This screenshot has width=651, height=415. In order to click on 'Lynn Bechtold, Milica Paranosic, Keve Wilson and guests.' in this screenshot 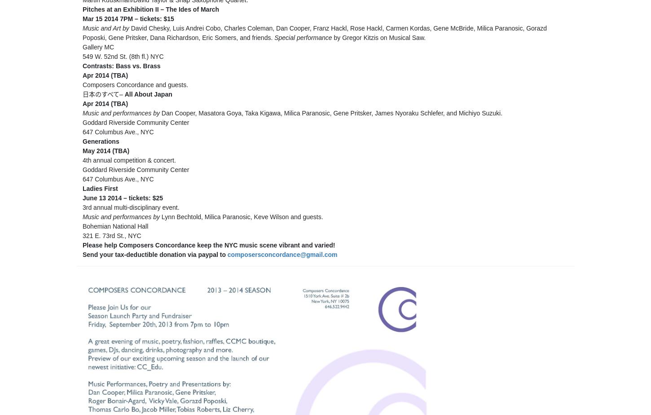, I will do `click(242, 216)`.